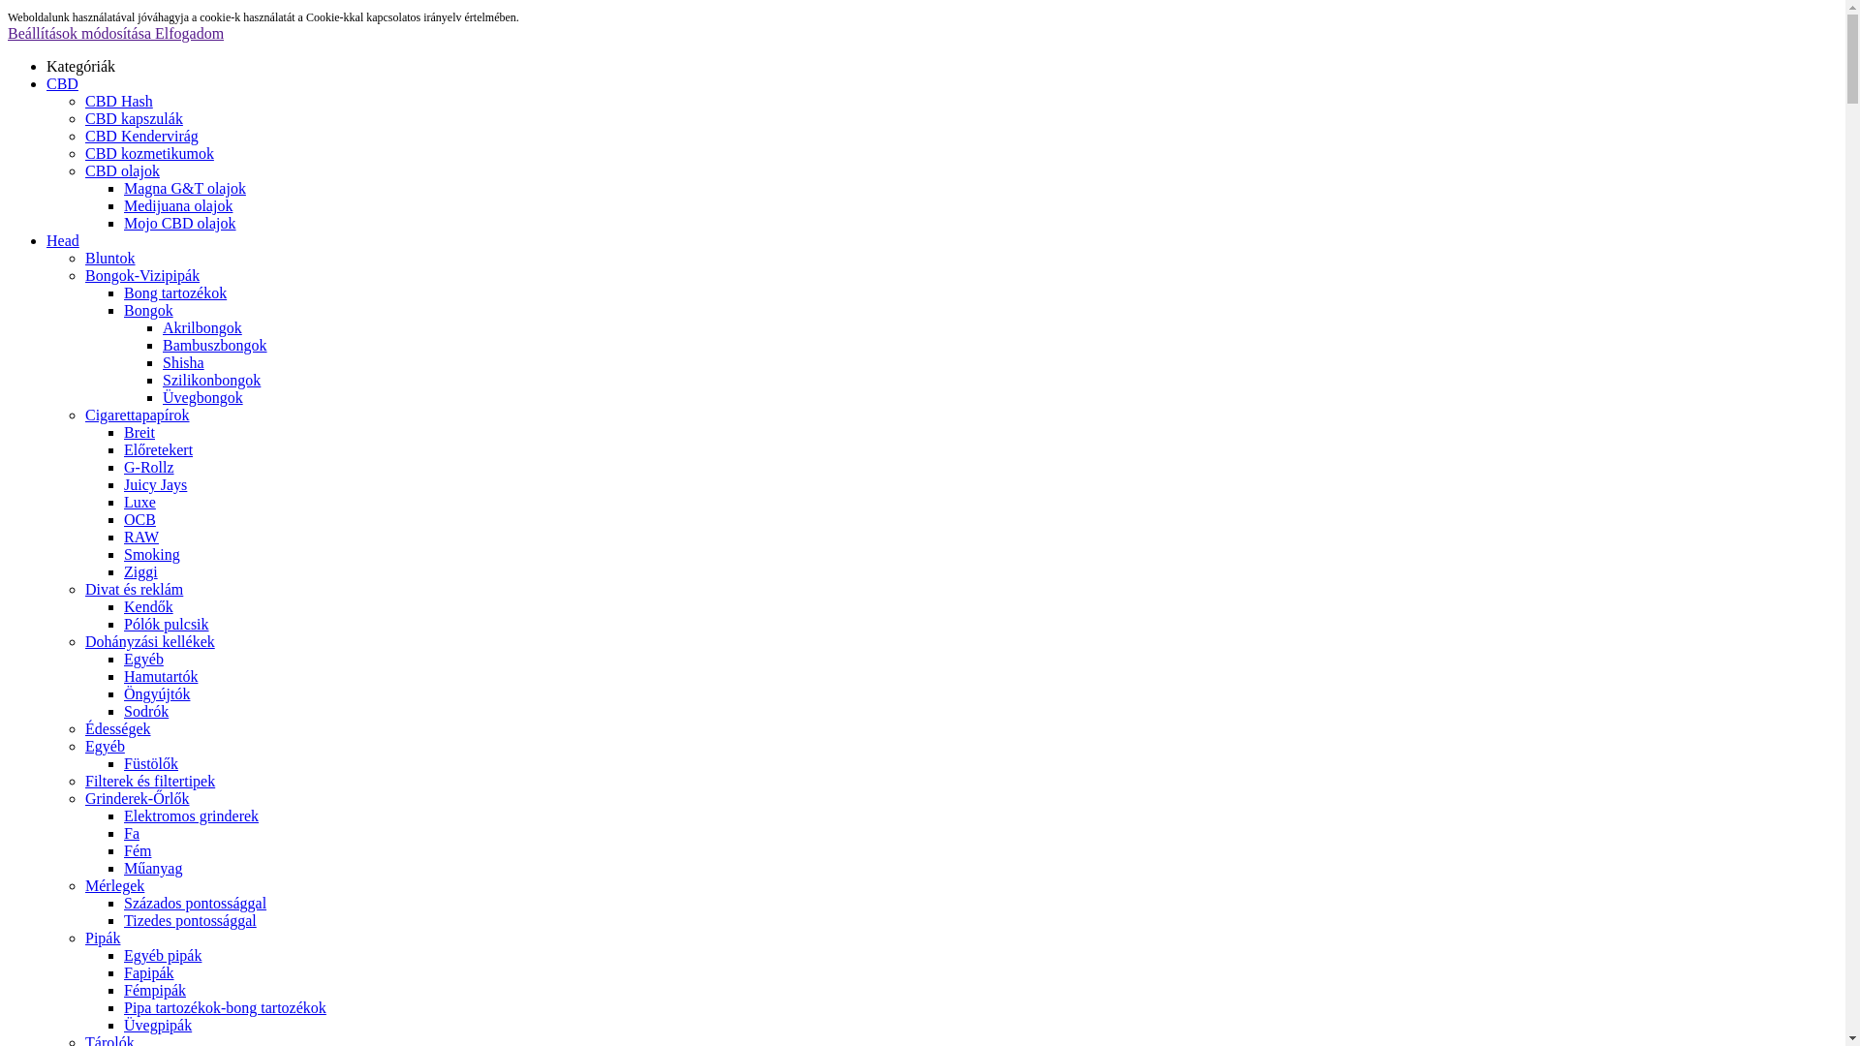  What do you see at coordinates (202, 326) in the screenshot?
I see `'Akrilbongok'` at bounding box center [202, 326].